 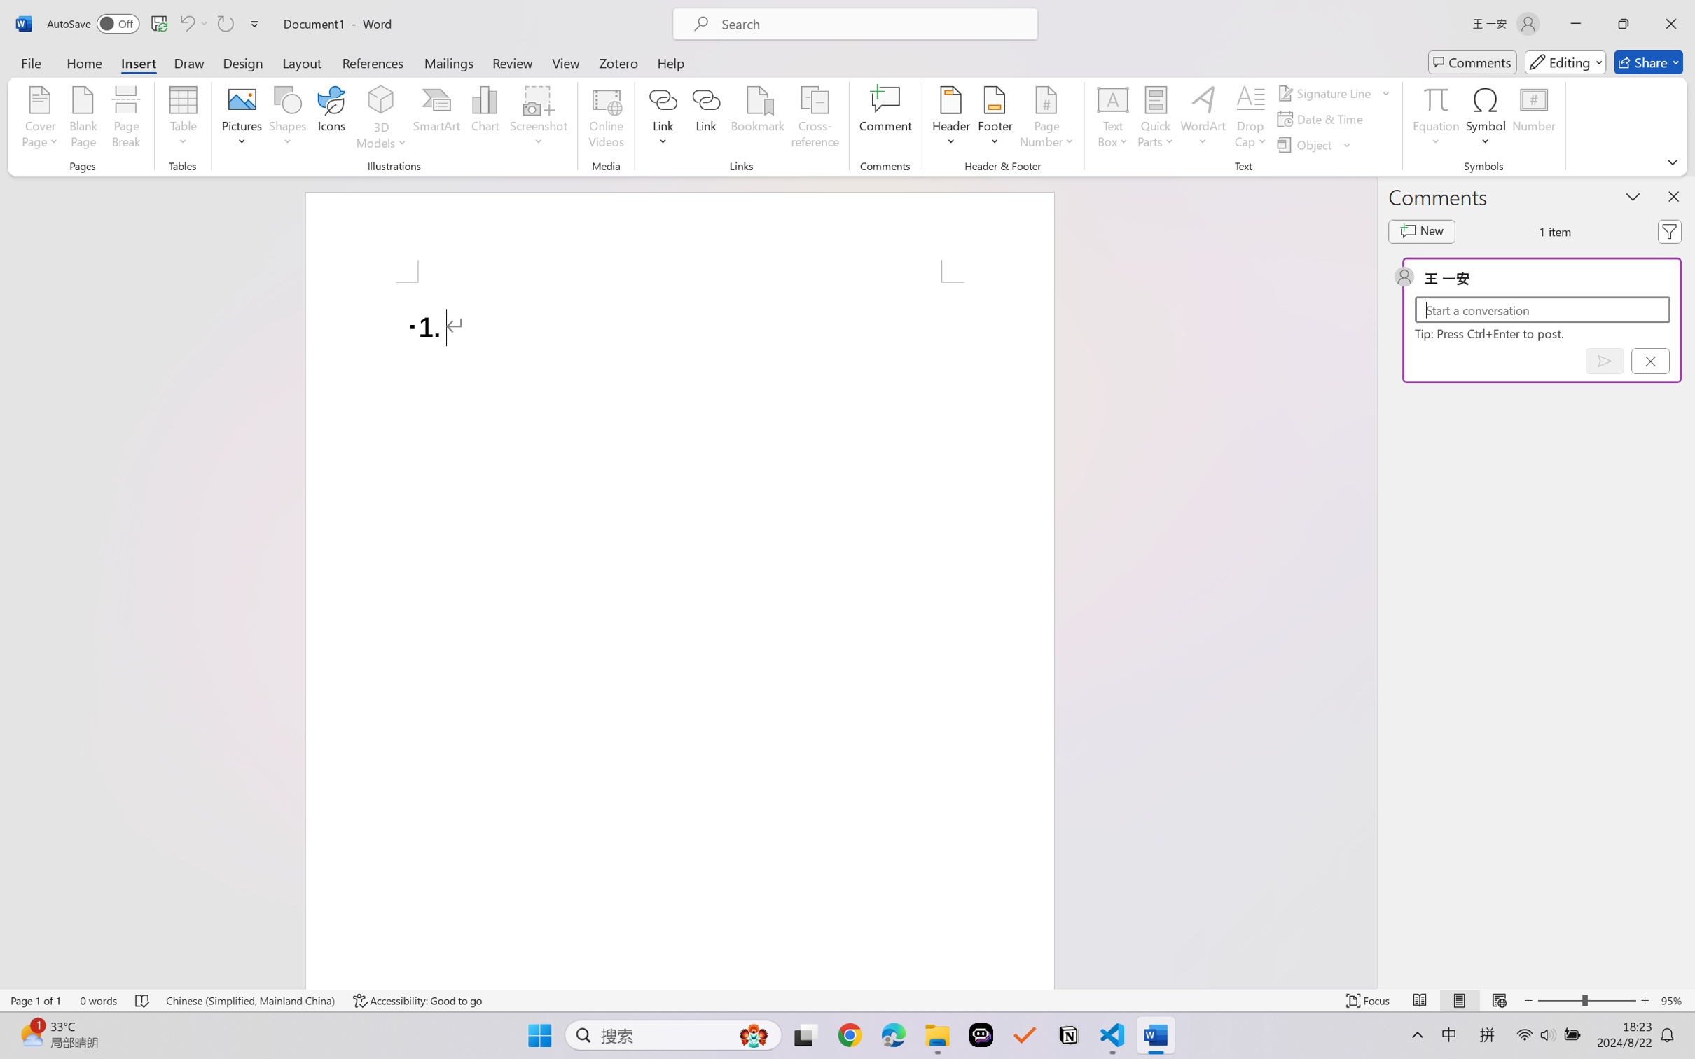 What do you see at coordinates (1250, 119) in the screenshot?
I see `'Drop Cap'` at bounding box center [1250, 119].